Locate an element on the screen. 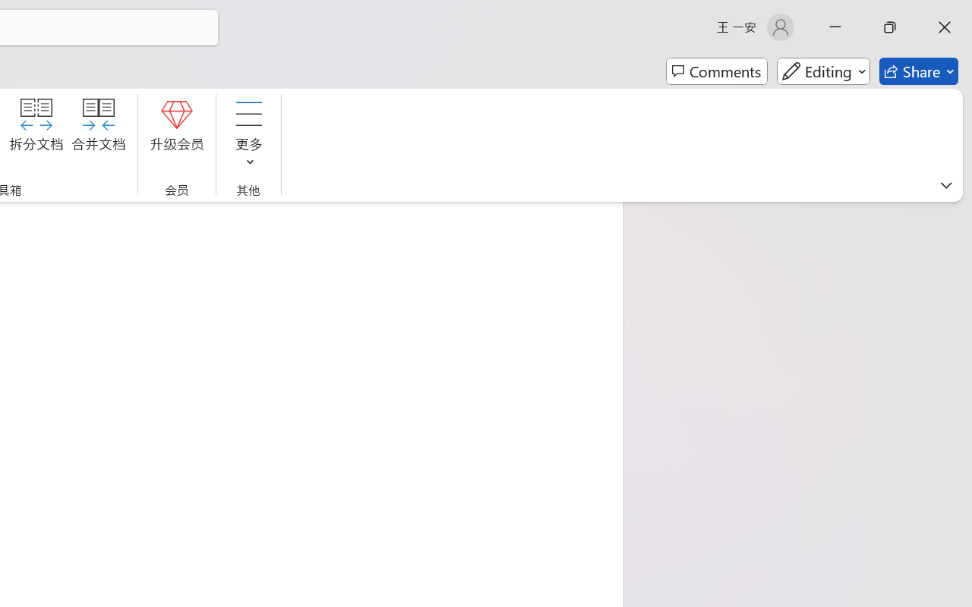 The image size is (972, 607). 'Mode' is located at coordinates (822, 71).